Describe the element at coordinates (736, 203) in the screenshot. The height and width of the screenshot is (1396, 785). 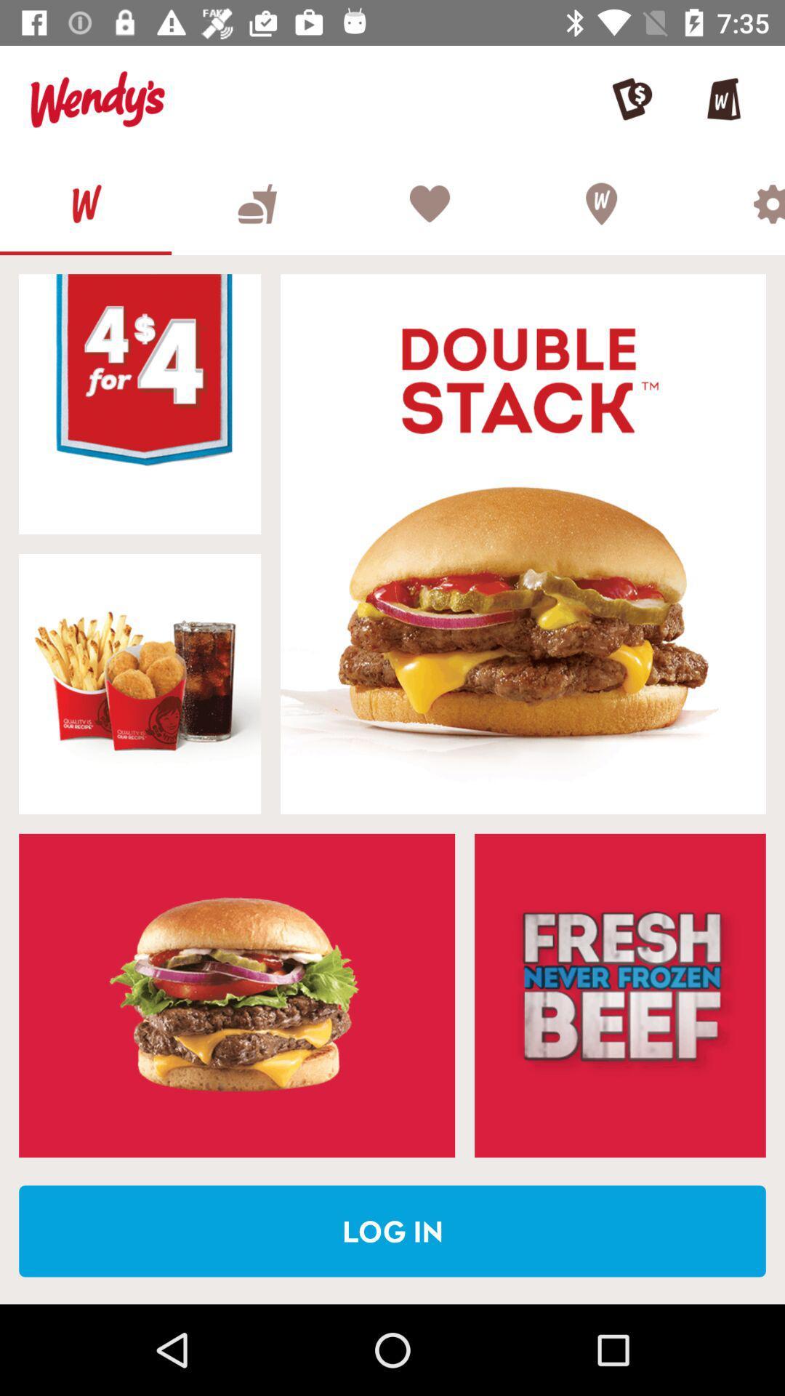
I see `settings` at that location.